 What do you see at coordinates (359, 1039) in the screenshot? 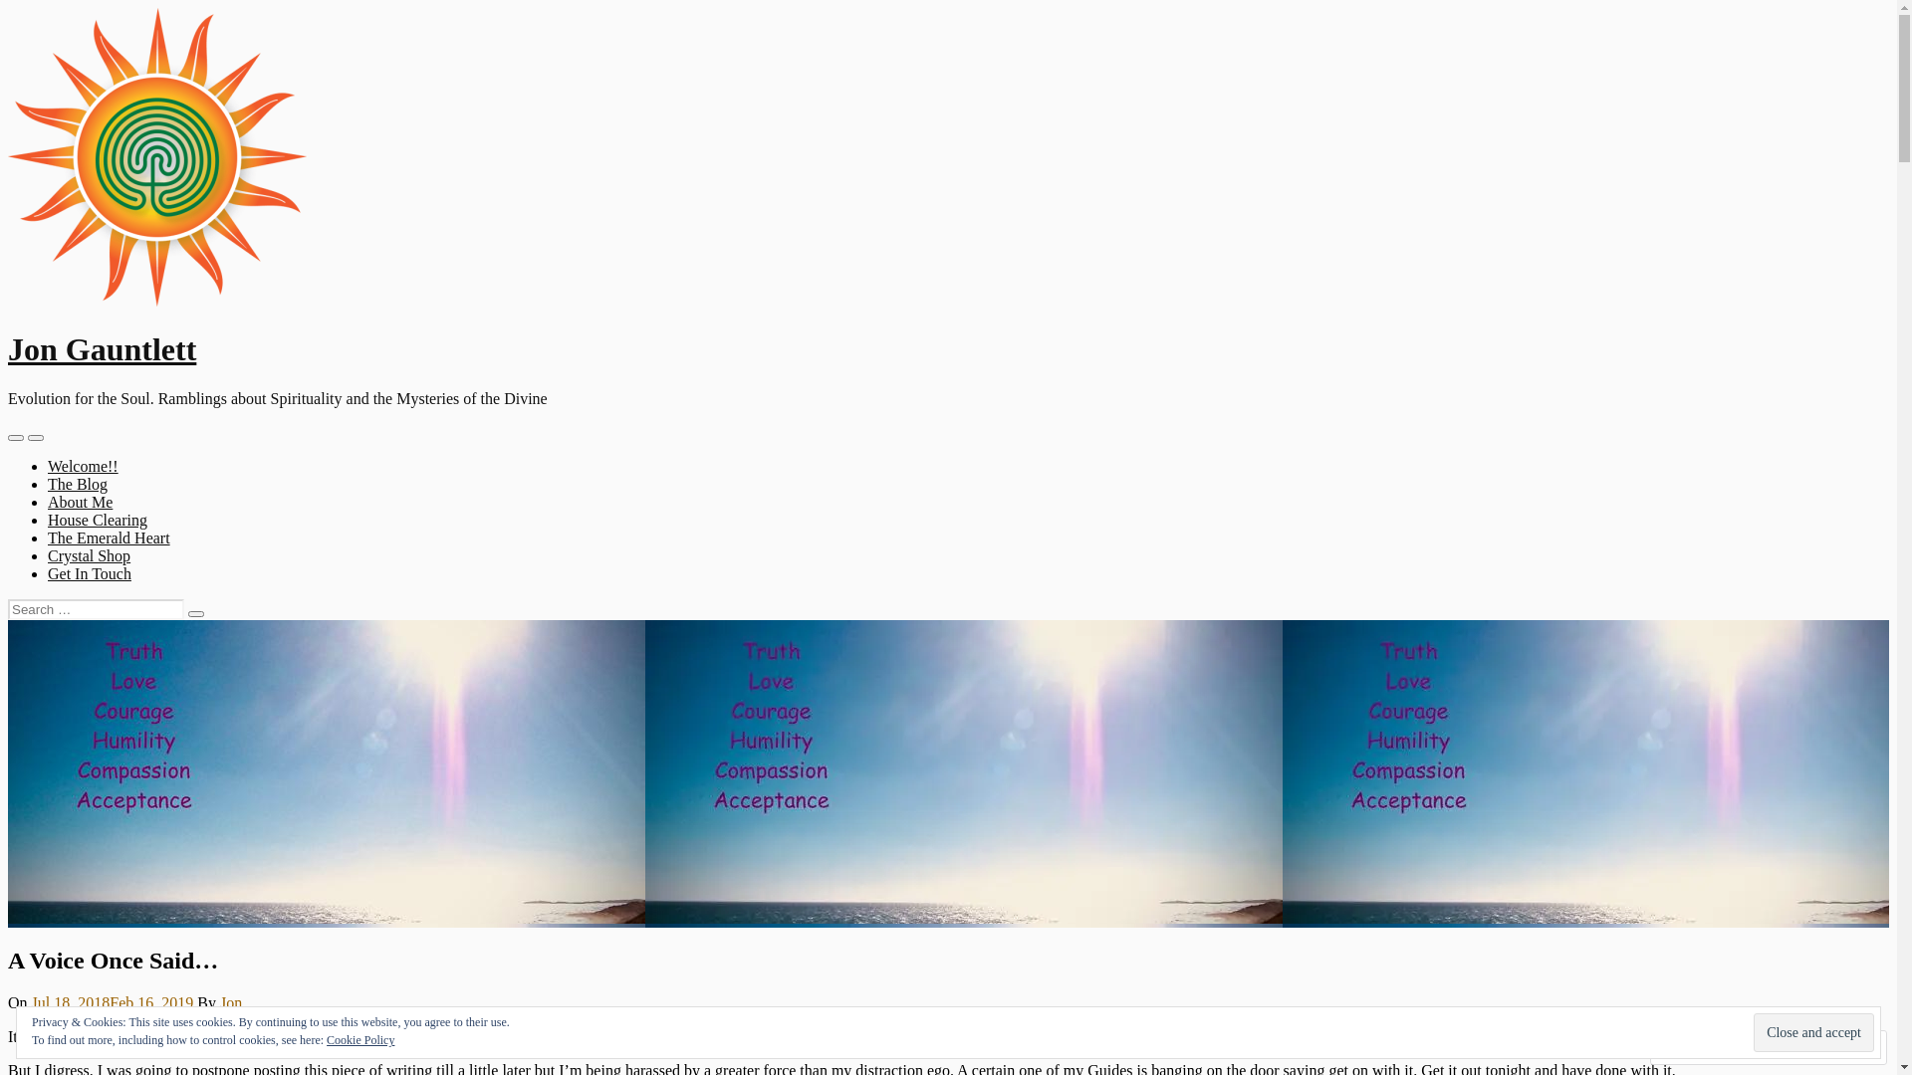
I see `'Cookie Policy'` at bounding box center [359, 1039].